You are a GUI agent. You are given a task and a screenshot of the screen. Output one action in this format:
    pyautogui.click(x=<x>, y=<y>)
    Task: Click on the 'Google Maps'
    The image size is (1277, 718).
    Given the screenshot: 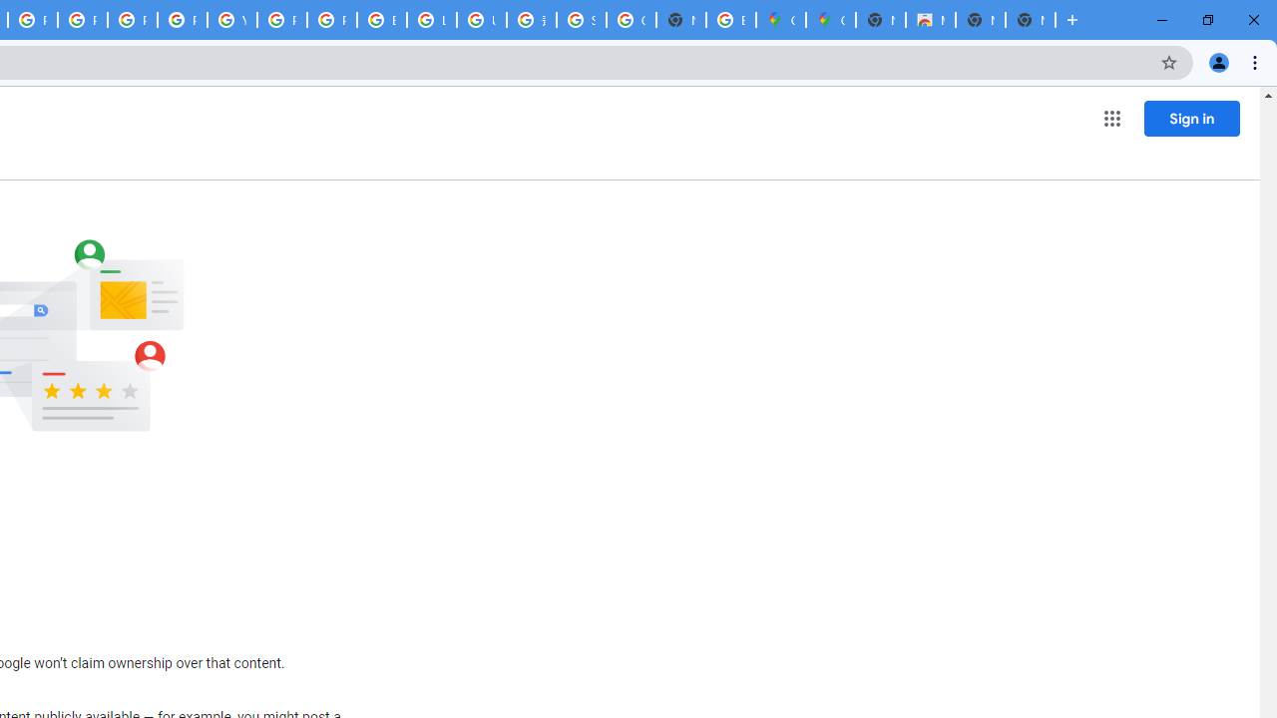 What is the action you would take?
    pyautogui.click(x=830, y=20)
    